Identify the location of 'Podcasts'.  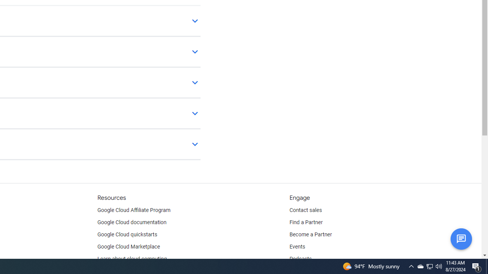
(300, 259).